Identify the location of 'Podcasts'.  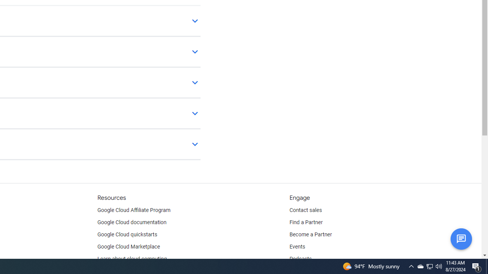
(300, 259).